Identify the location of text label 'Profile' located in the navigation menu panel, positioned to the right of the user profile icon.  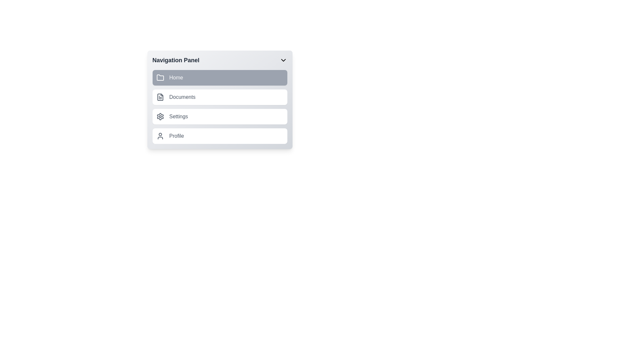
(177, 136).